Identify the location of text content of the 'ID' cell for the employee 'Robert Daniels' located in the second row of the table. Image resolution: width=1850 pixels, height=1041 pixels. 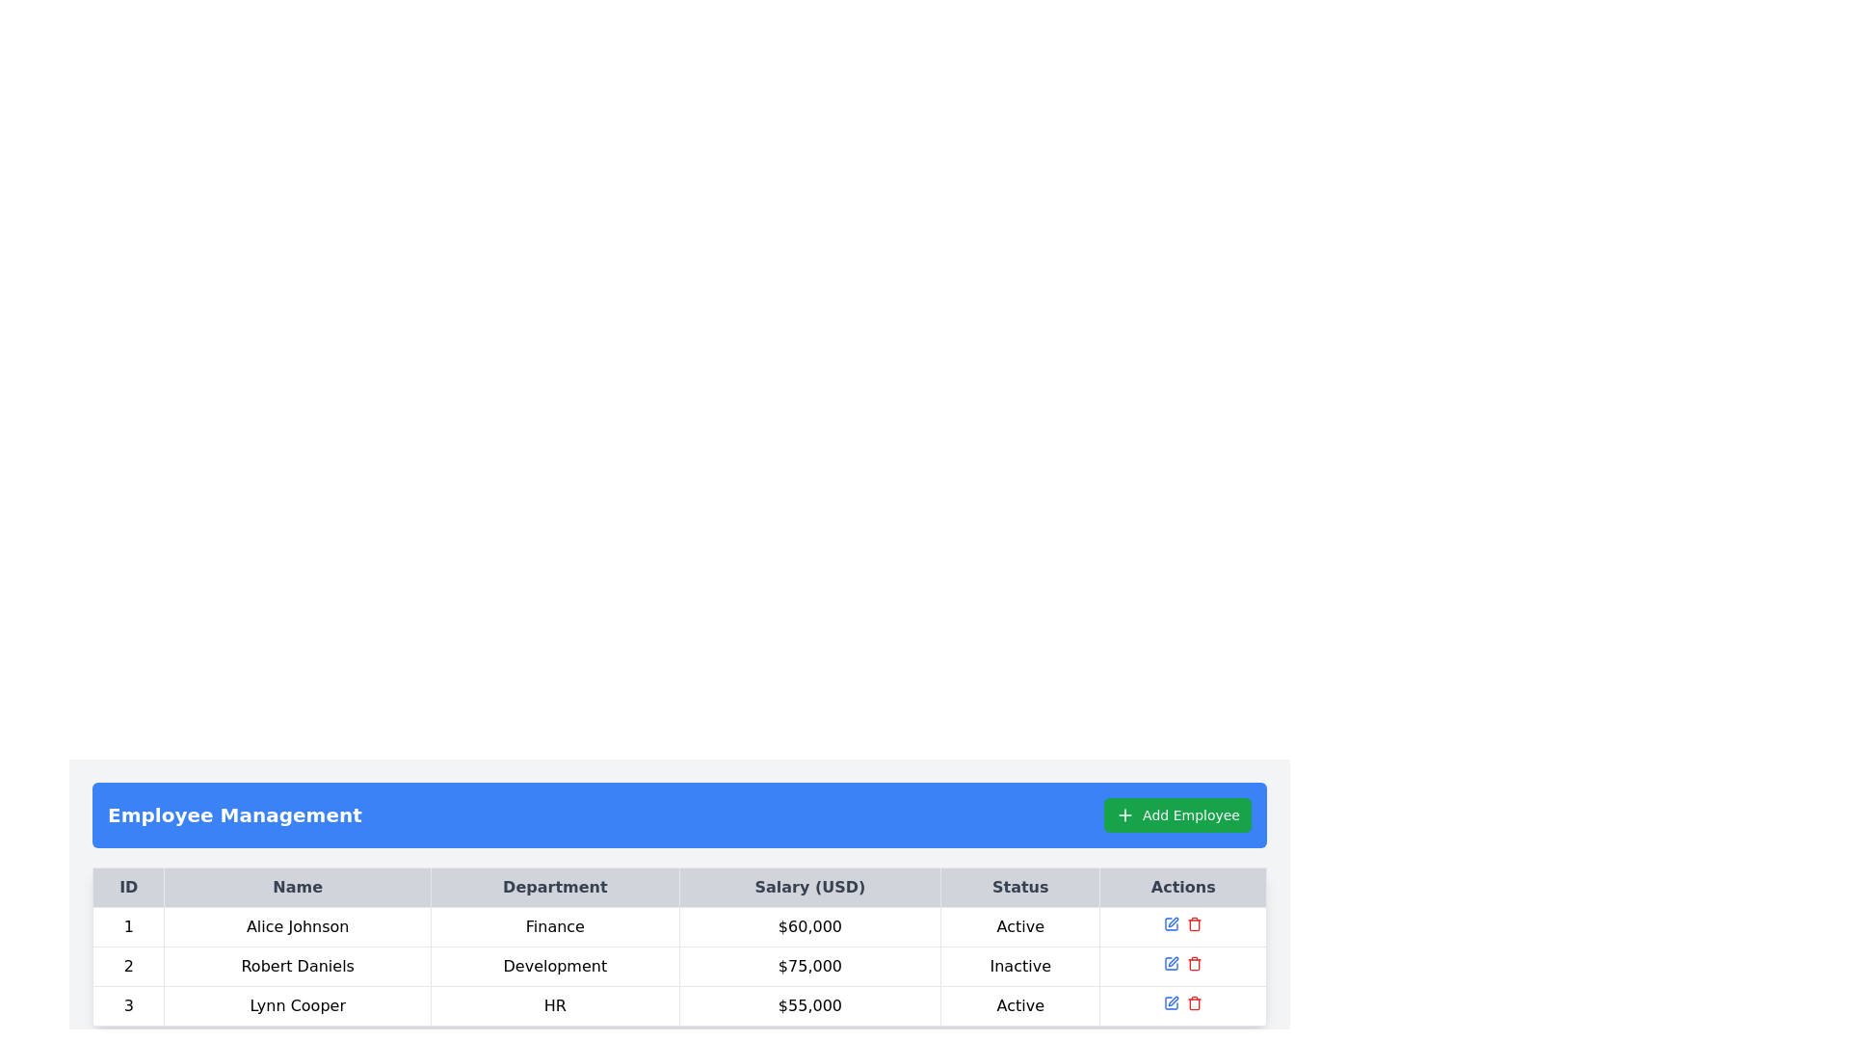
(127, 966).